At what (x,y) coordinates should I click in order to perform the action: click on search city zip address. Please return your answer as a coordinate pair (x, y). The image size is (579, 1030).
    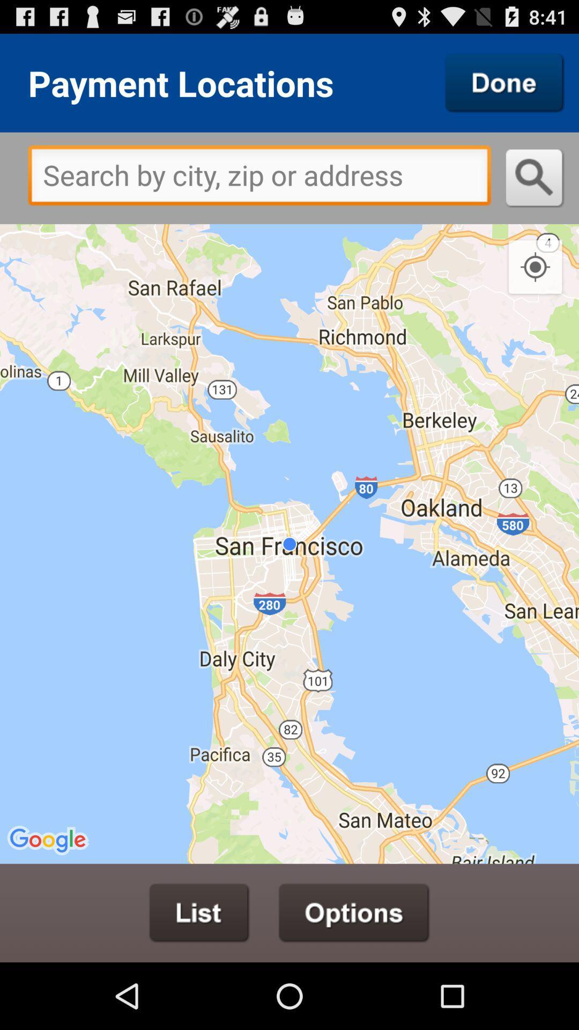
    Looking at the image, I should click on (259, 178).